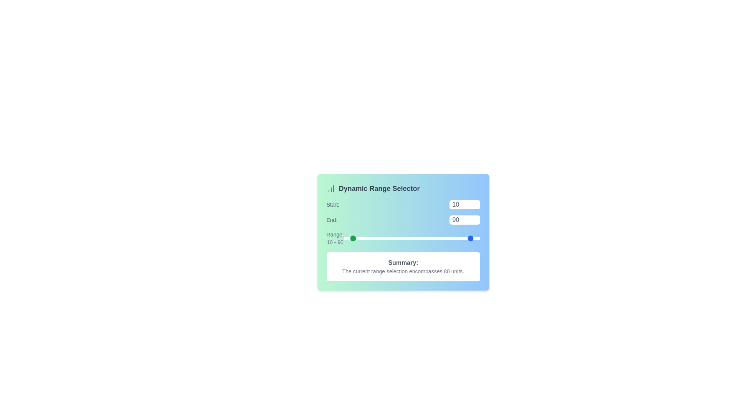 The width and height of the screenshot is (737, 414). I want to click on the 'Start' range value to 85 using the input box, so click(464, 204).